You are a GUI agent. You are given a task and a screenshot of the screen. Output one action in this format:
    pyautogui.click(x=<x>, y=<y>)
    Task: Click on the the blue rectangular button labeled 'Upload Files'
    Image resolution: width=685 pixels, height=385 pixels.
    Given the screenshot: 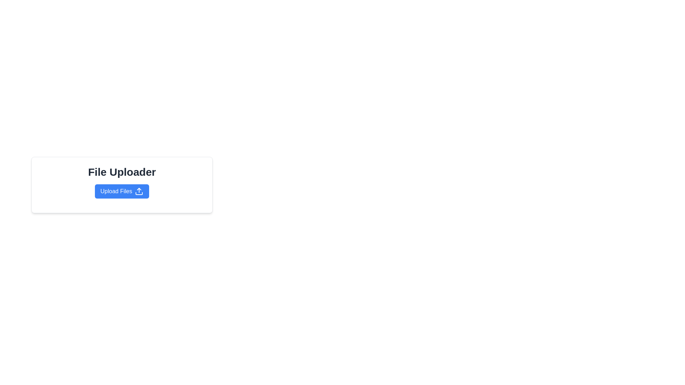 What is the action you would take?
    pyautogui.click(x=122, y=191)
    